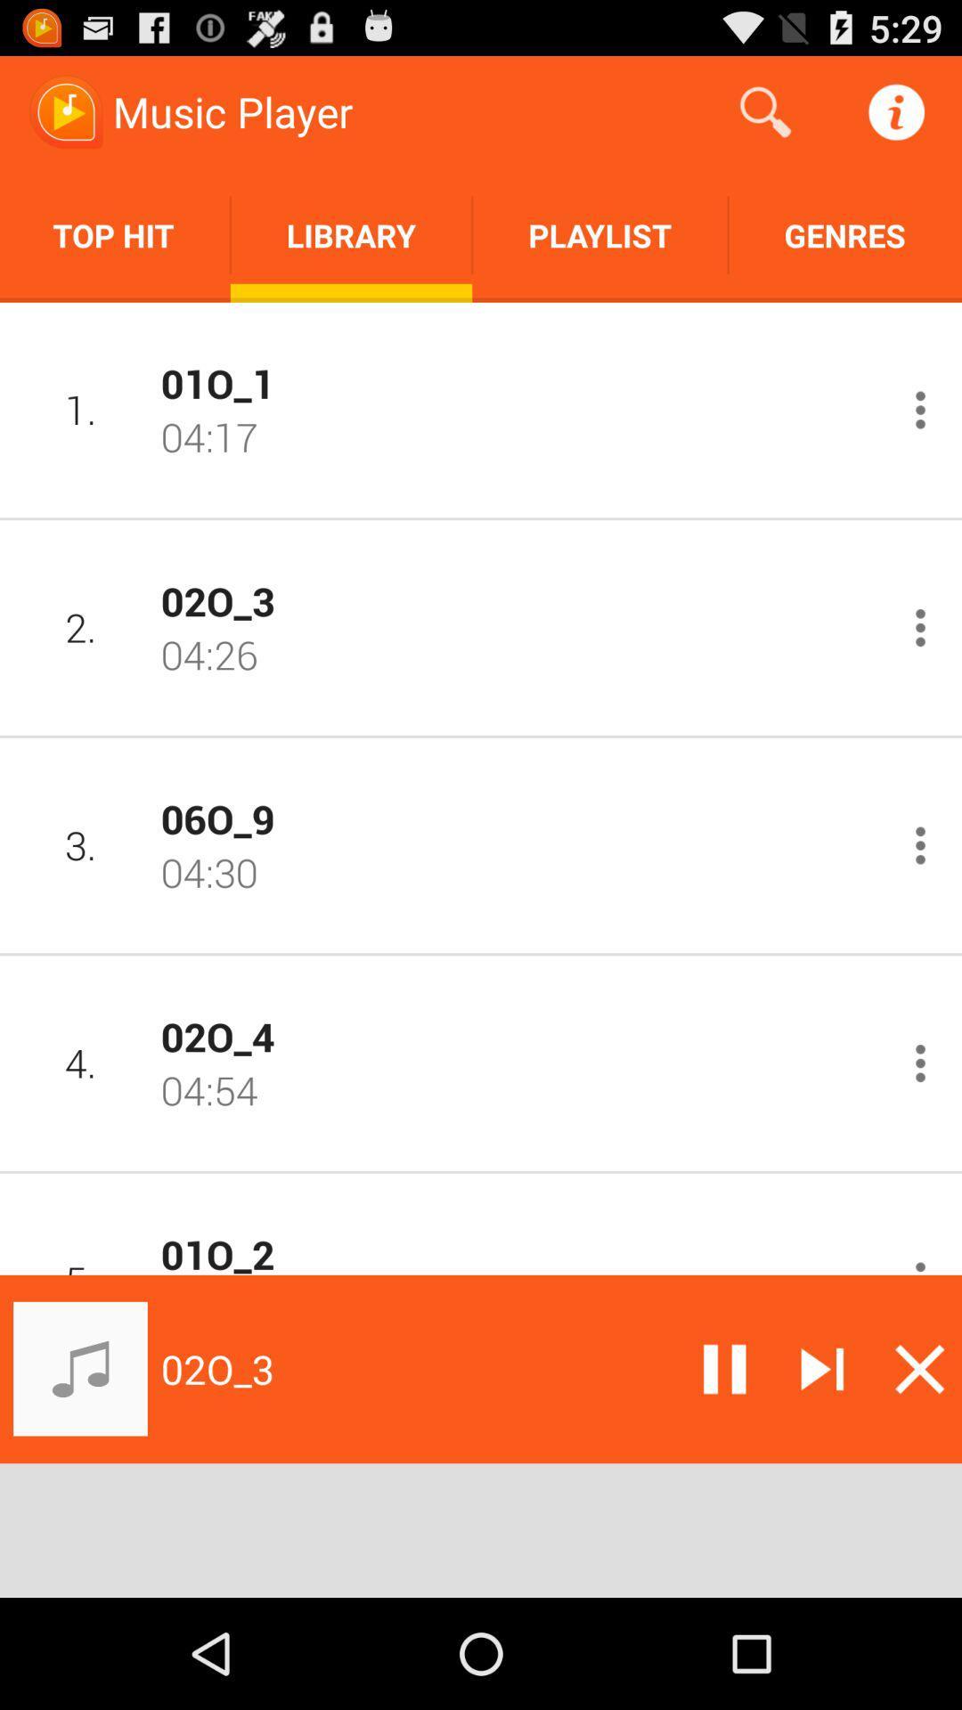 The height and width of the screenshot is (1710, 962). What do you see at coordinates (764, 110) in the screenshot?
I see `the app above playlist app` at bounding box center [764, 110].